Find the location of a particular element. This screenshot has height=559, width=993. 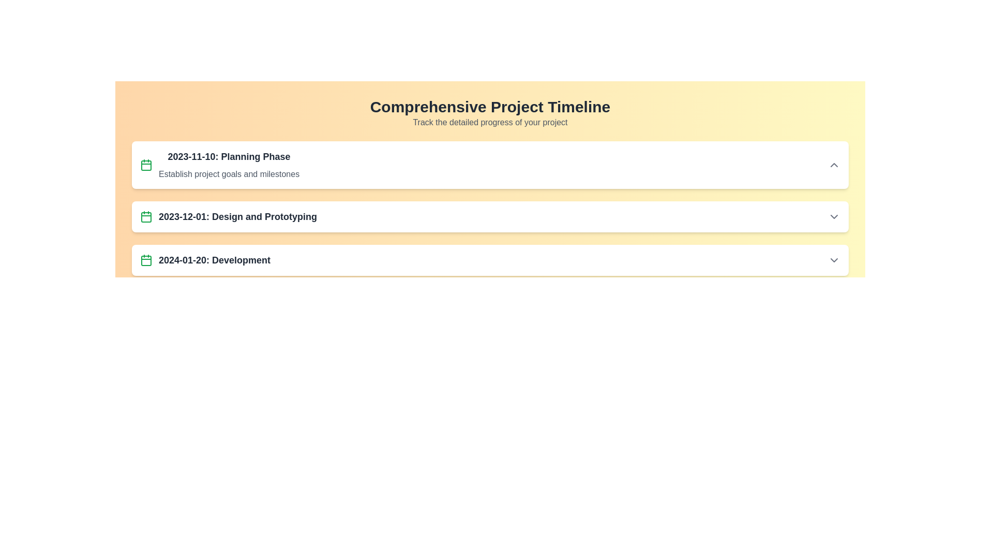

text of the third list item that displays information about the development activity scheduled for January 20, 2024 is located at coordinates (205, 259).